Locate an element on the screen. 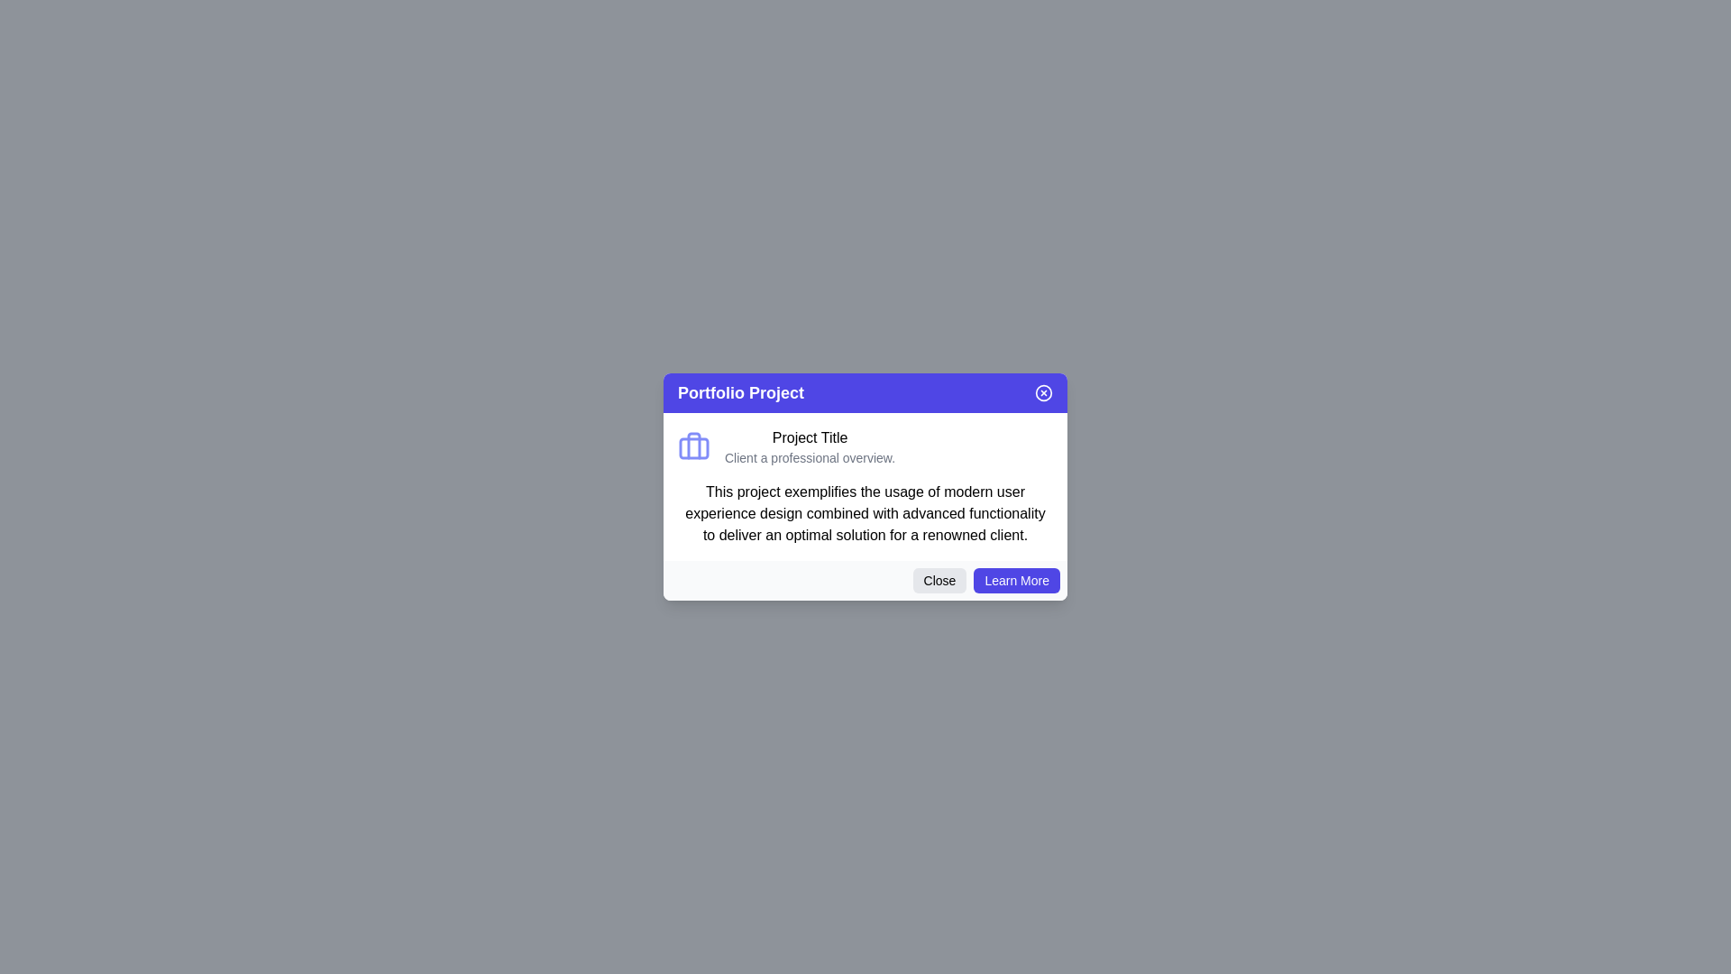 The width and height of the screenshot is (1731, 974). the text in the text block with heading and subheading located within the modal dialog titled 'Portfolio Project', which contains the headline 'Project Title' and the description 'Client a professional overview.' is located at coordinates (809, 446).